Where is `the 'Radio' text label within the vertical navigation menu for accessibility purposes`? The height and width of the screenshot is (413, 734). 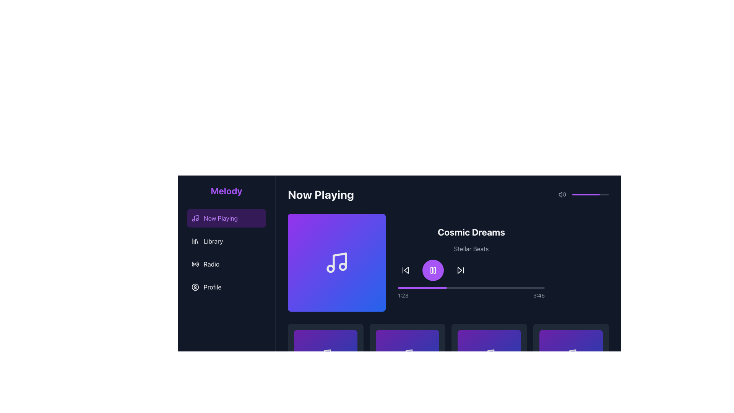
the 'Radio' text label within the vertical navigation menu for accessibility purposes is located at coordinates (211, 263).